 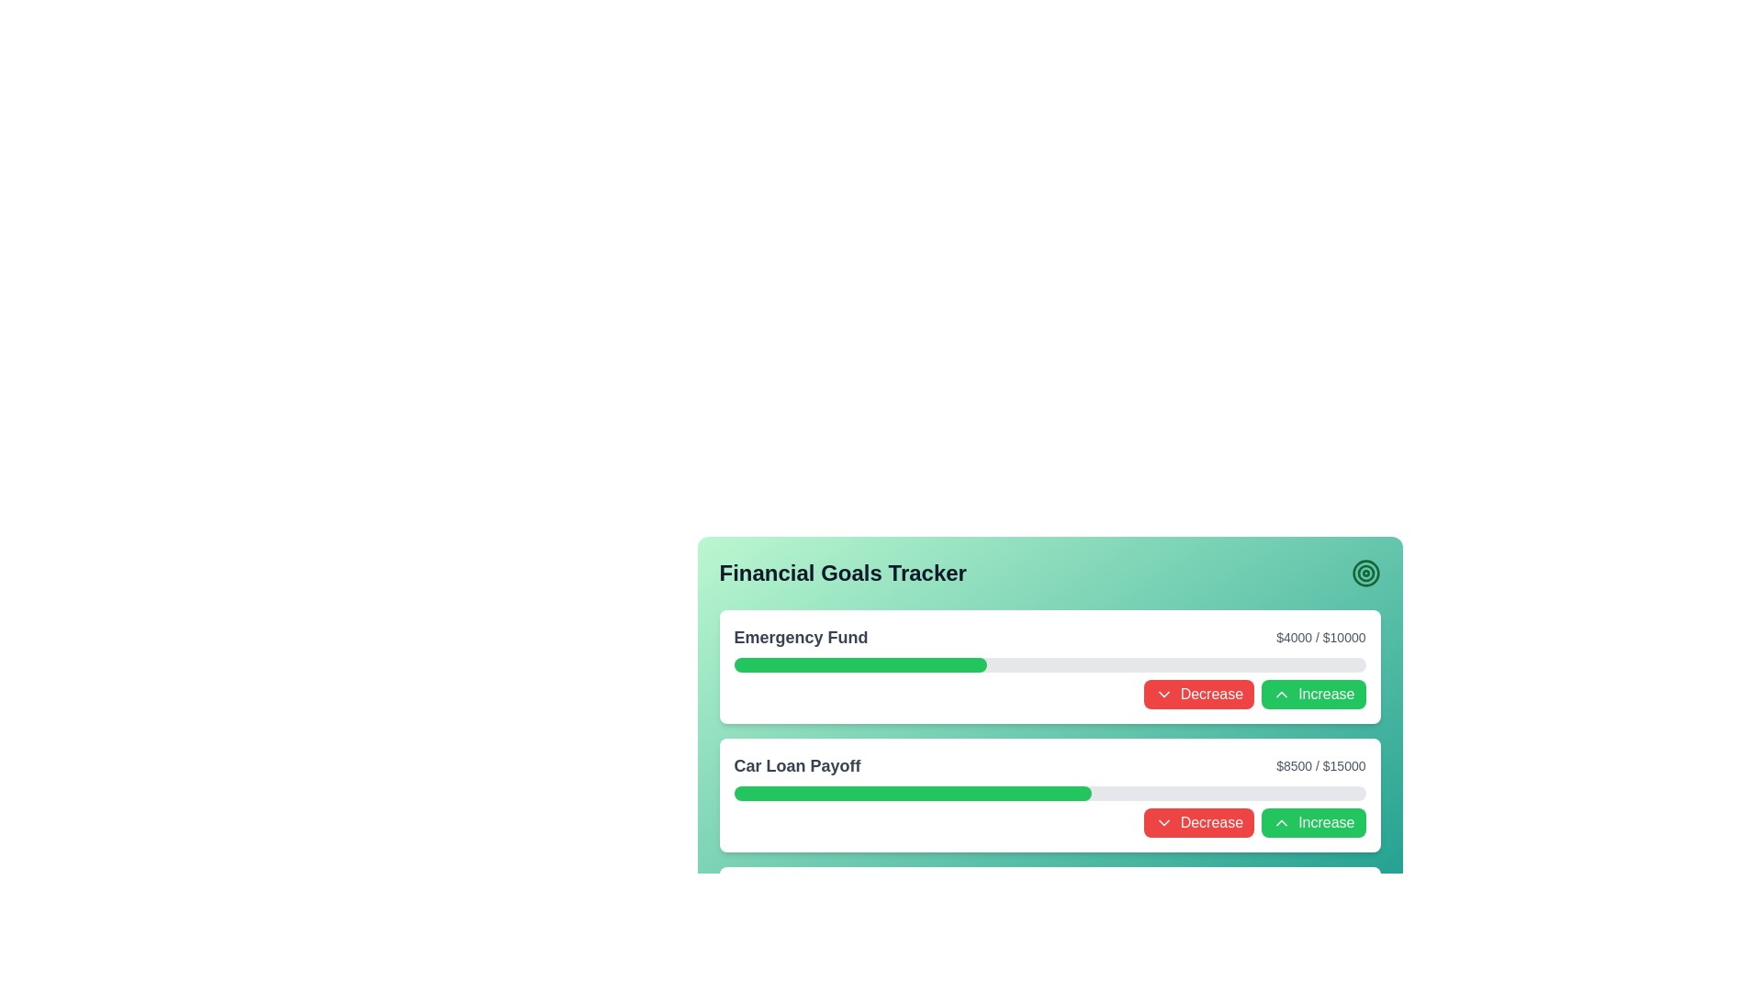 I want to click on the 'Decrease' button for the 'Emergency Fund', so click(x=1198, y=694).